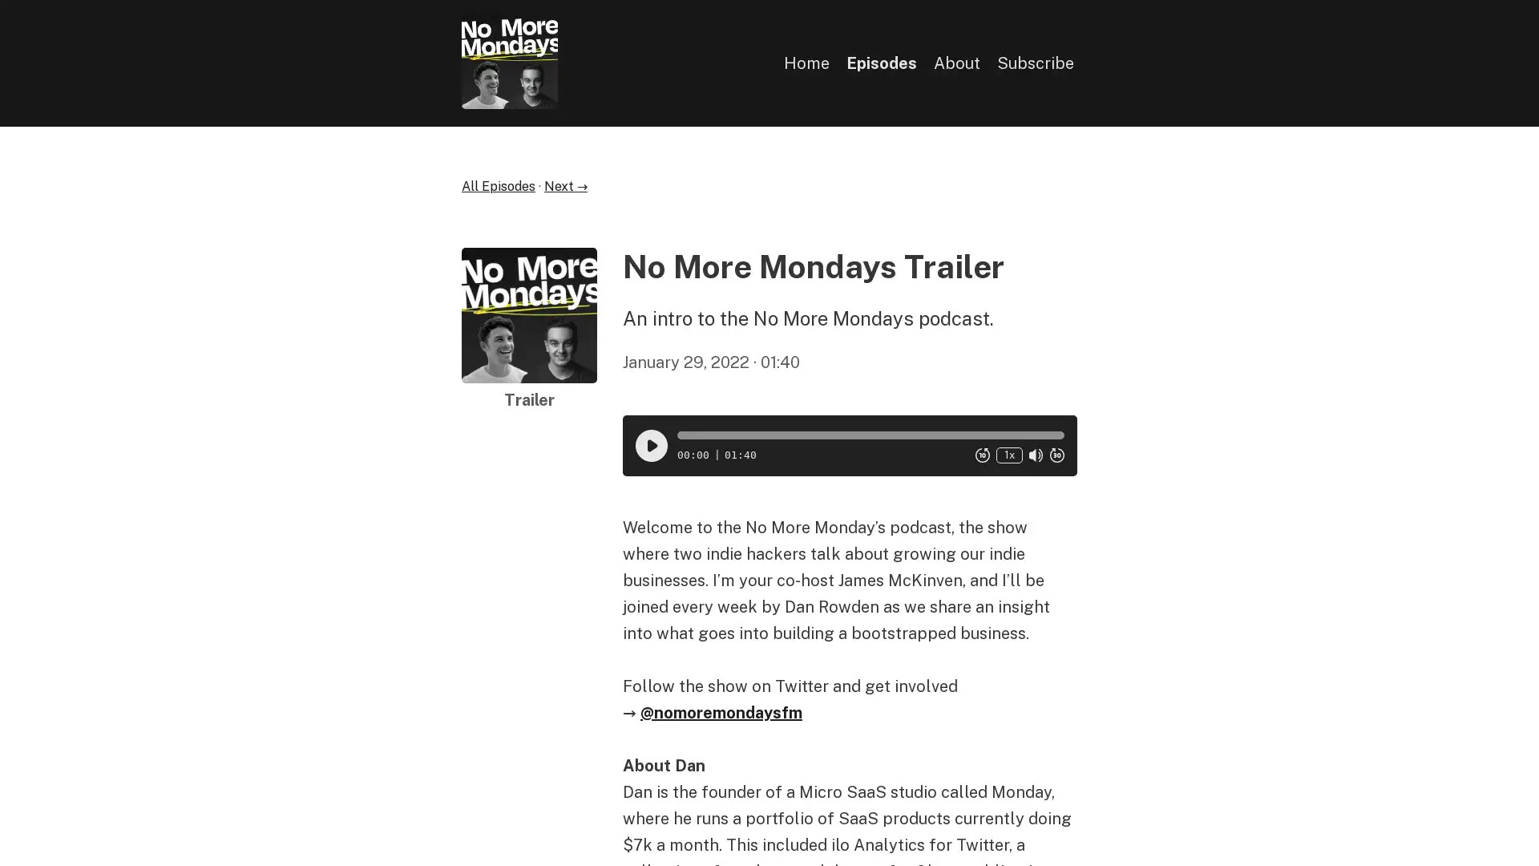 The height and width of the screenshot is (866, 1539). What do you see at coordinates (650, 445) in the screenshot?
I see `play` at bounding box center [650, 445].